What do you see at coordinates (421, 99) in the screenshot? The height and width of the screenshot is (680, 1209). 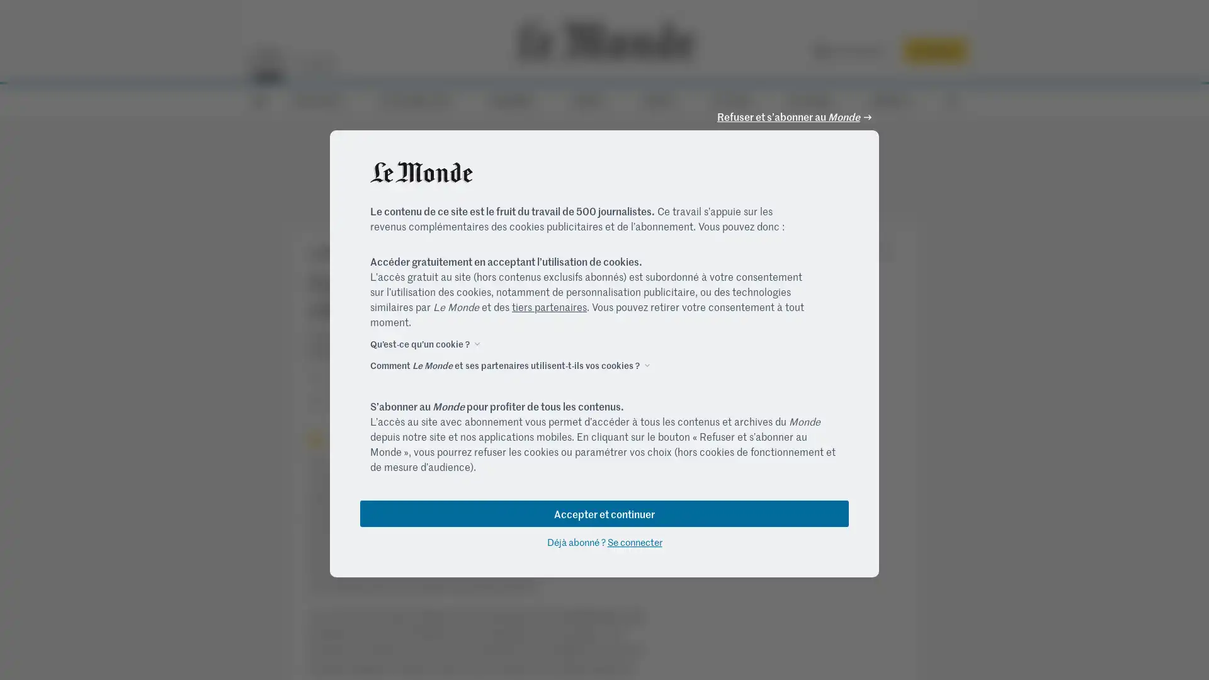 I see `ELECTIONS 2022` at bounding box center [421, 99].